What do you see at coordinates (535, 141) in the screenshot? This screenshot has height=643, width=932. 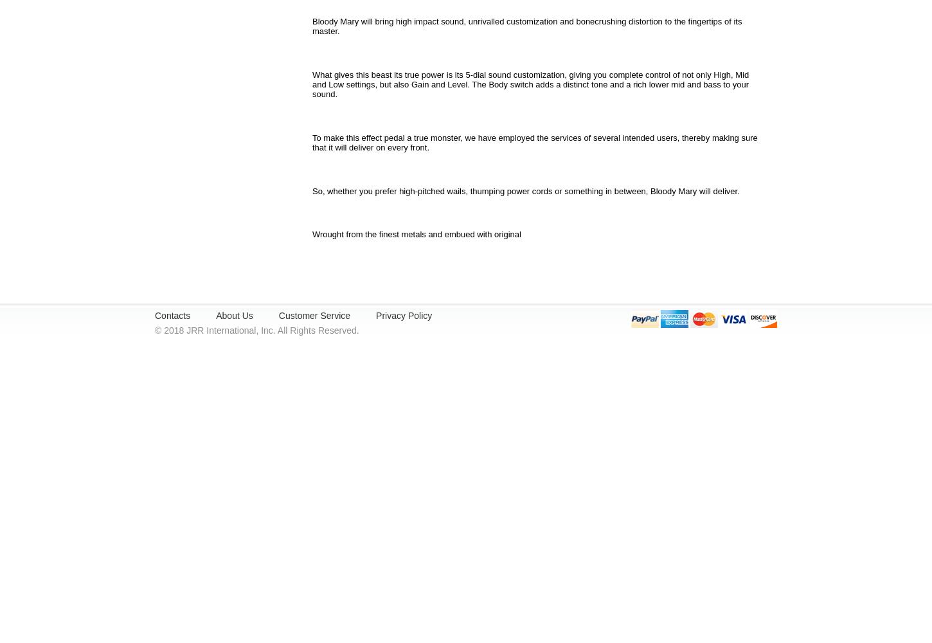 I see `'To make this effect pedal a true monster, we have employed the services of several intended users, thereby making sure that it will deliver on every front.'` at bounding box center [535, 141].